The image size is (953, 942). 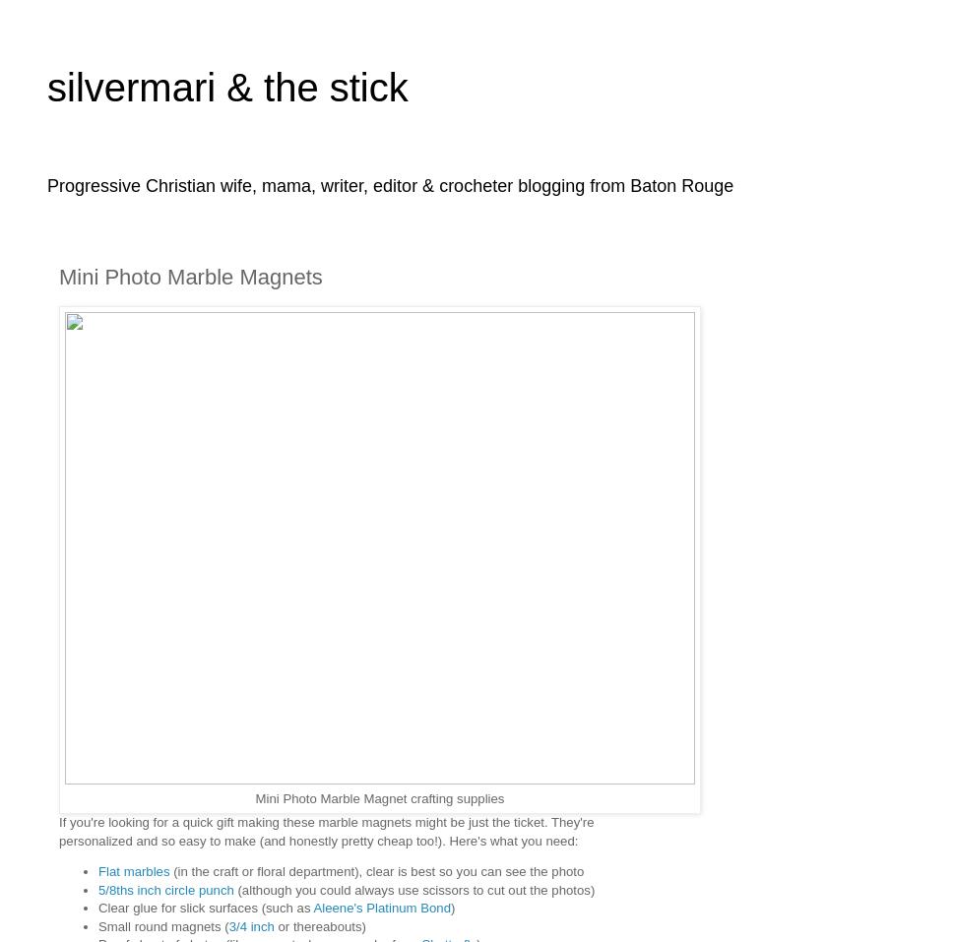 I want to click on 'or thereabouts)', so click(x=319, y=925).